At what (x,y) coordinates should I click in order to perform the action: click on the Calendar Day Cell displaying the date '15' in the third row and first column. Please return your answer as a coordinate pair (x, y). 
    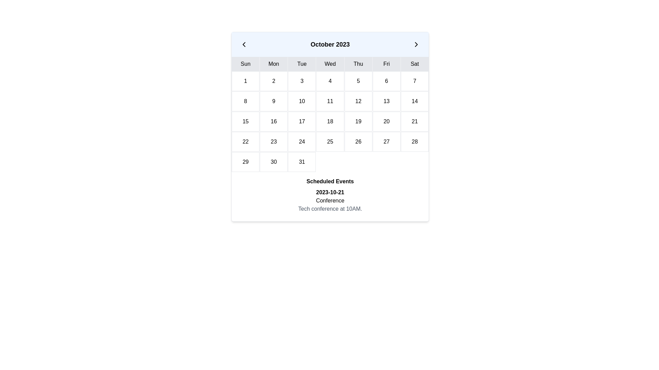
    Looking at the image, I should click on (245, 121).